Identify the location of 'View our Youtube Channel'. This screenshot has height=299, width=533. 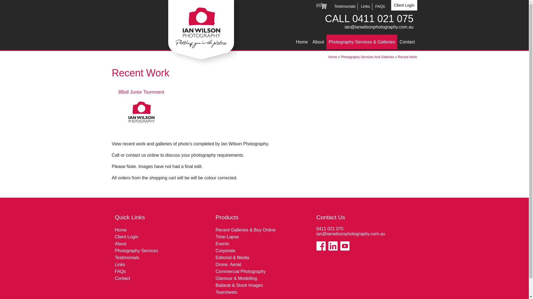
(345, 246).